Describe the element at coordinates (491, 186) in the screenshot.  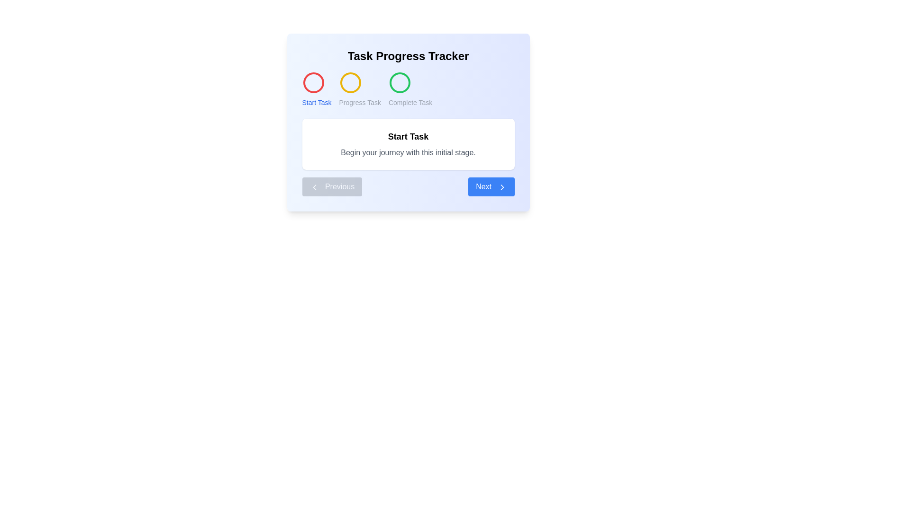
I see `the 'Next' button to navigate to the next step` at that location.